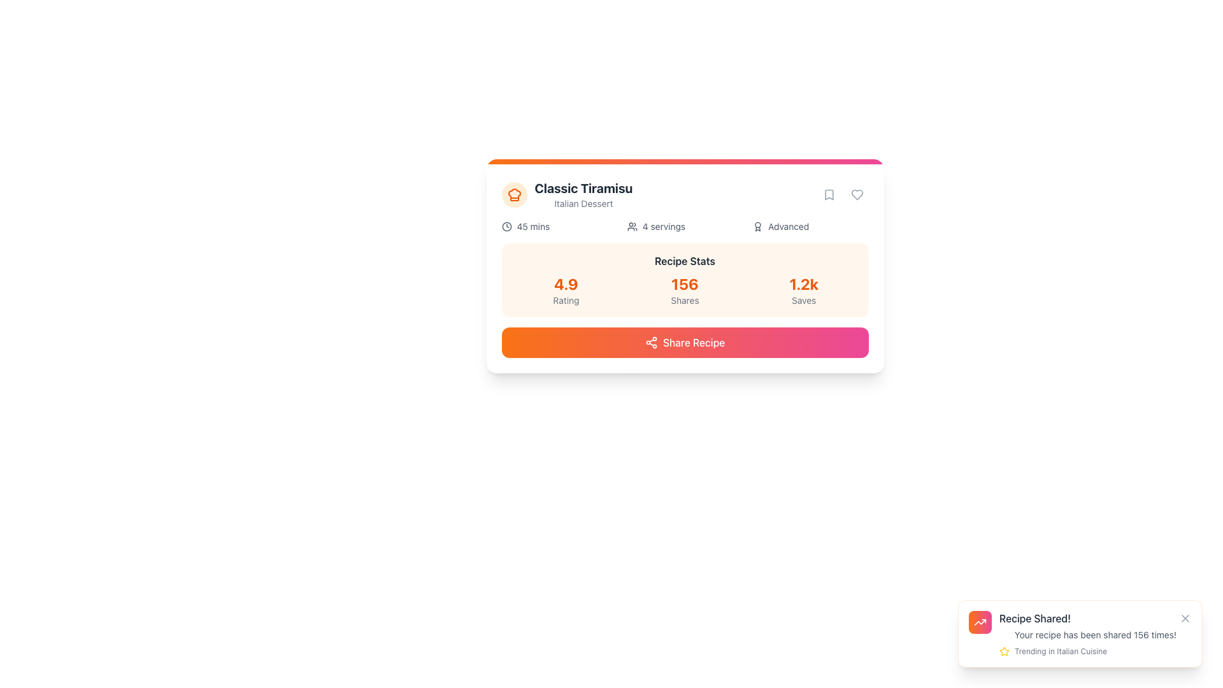 The width and height of the screenshot is (1223, 688). Describe the element at coordinates (803, 283) in the screenshot. I see `the numeric value '1.2k' displayed in bold orange text within the 'Recipe Stats' section, located at the bottom right of the recipe card` at that location.